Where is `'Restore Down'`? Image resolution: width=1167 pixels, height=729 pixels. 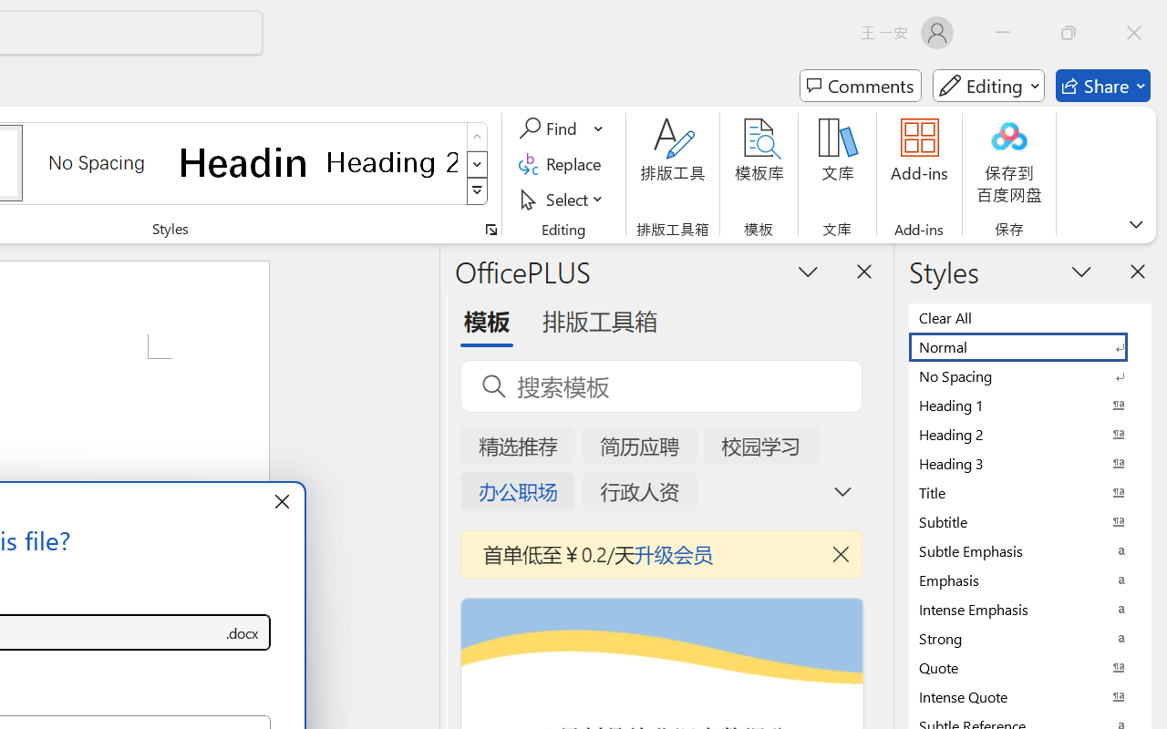
'Restore Down' is located at coordinates (1069, 32).